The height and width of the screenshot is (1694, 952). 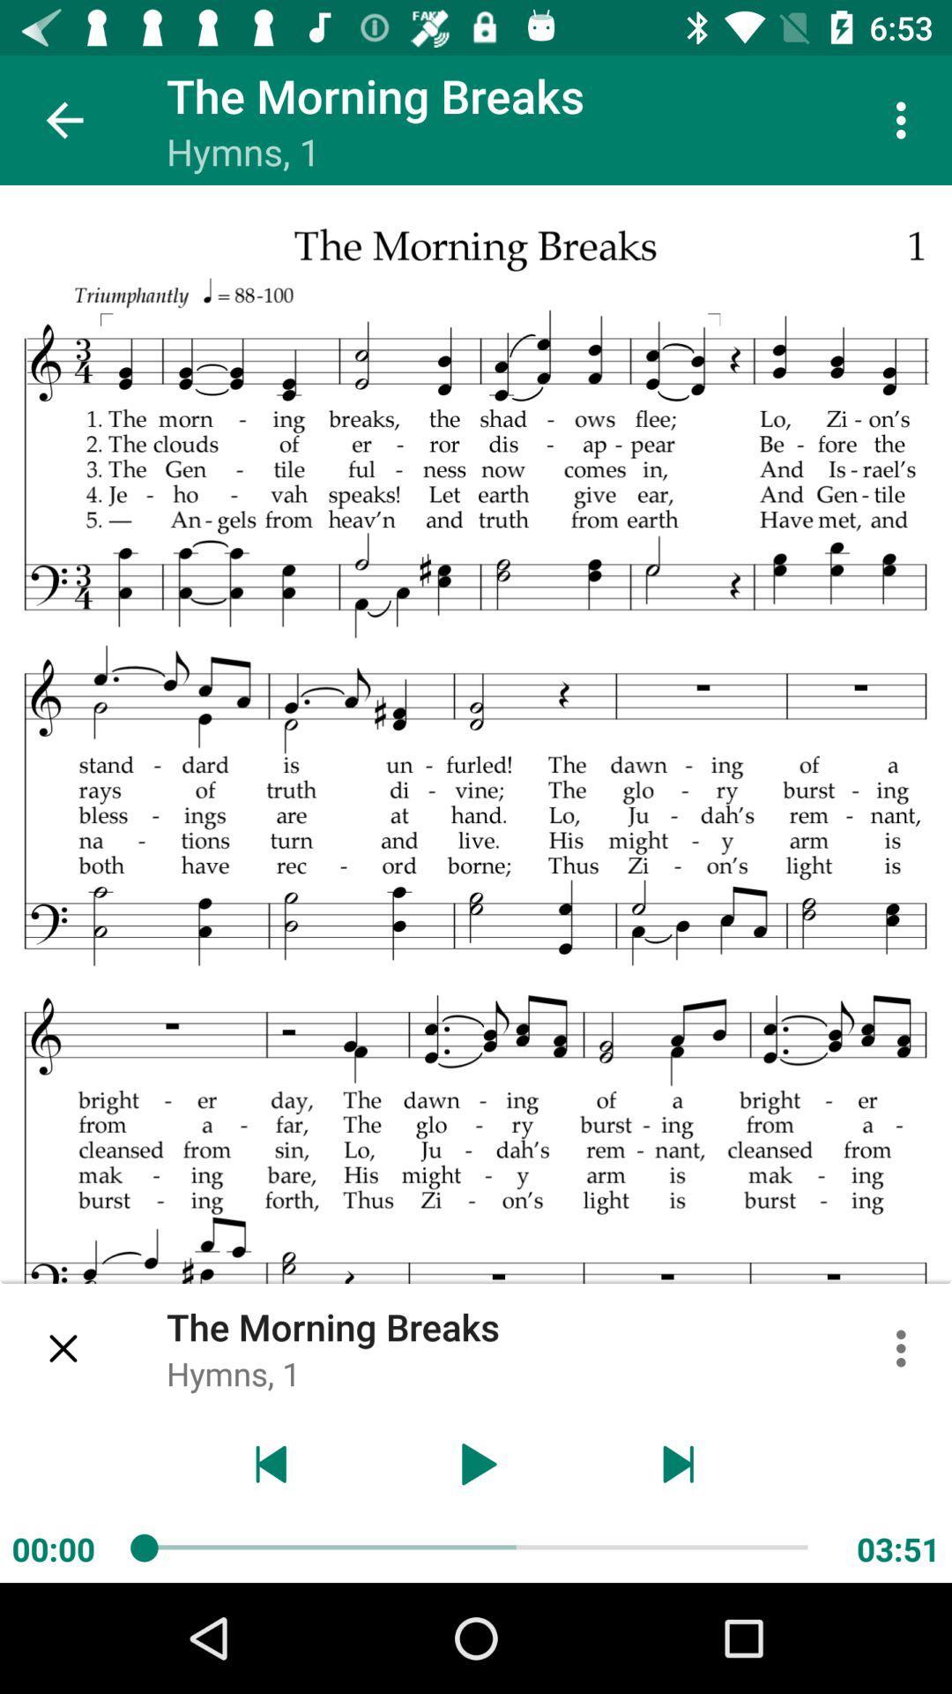 What do you see at coordinates (271, 1464) in the screenshot?
I see `back` at bounding box center [271, 1464].